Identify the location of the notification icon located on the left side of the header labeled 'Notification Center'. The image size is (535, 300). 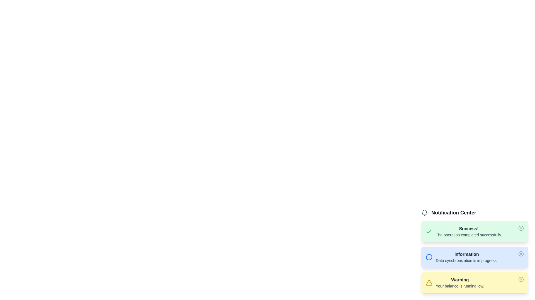
(424, 212).